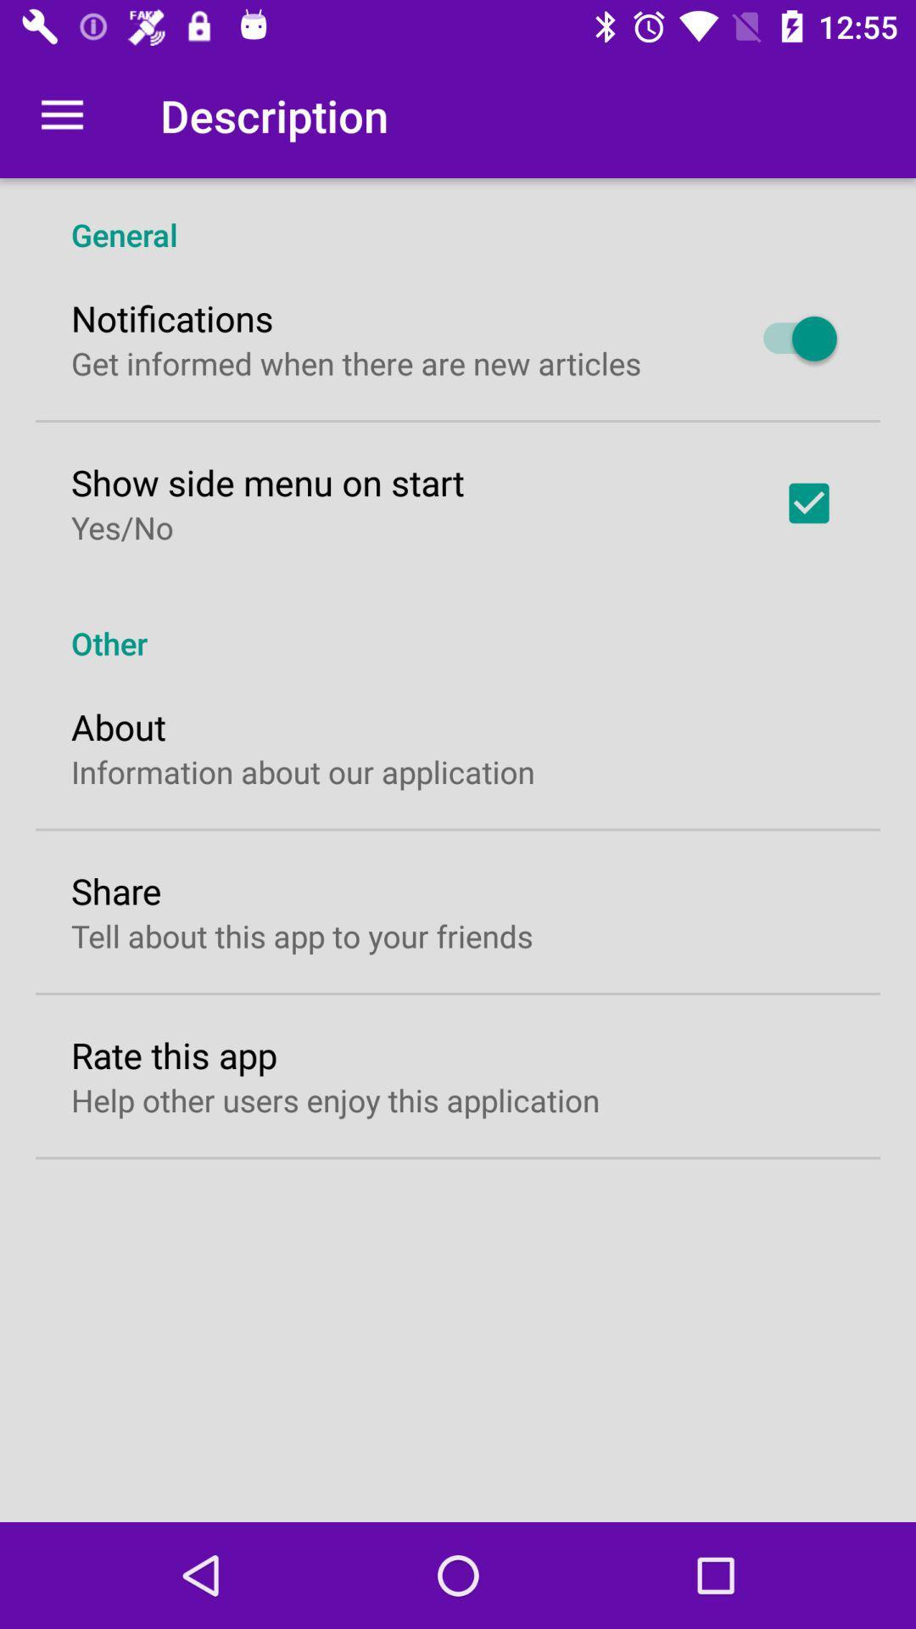  Describe the element at coordinates (267, 481) in the screenshot. I see `the icon below the get informed when icon` at that location.